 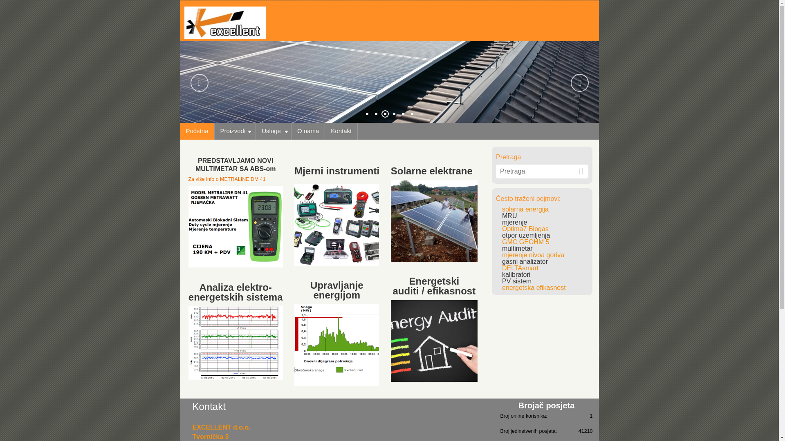 What do you see at coordinates (341, 130) in the screenshot?
I see `'Kontakt'` at bounding box center [341, 130].